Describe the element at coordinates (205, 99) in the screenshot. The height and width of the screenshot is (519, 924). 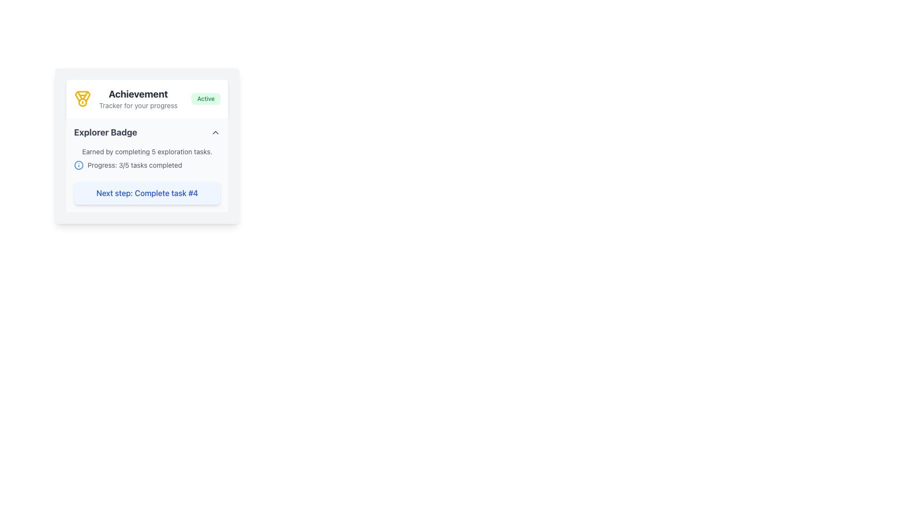
I see `the Status Indicator Badge, which is a small rectangular badge with rounded corners, green background, and displays 'Active' in bold text, located in the top-right corner of the 'Achievement' card` at that location.